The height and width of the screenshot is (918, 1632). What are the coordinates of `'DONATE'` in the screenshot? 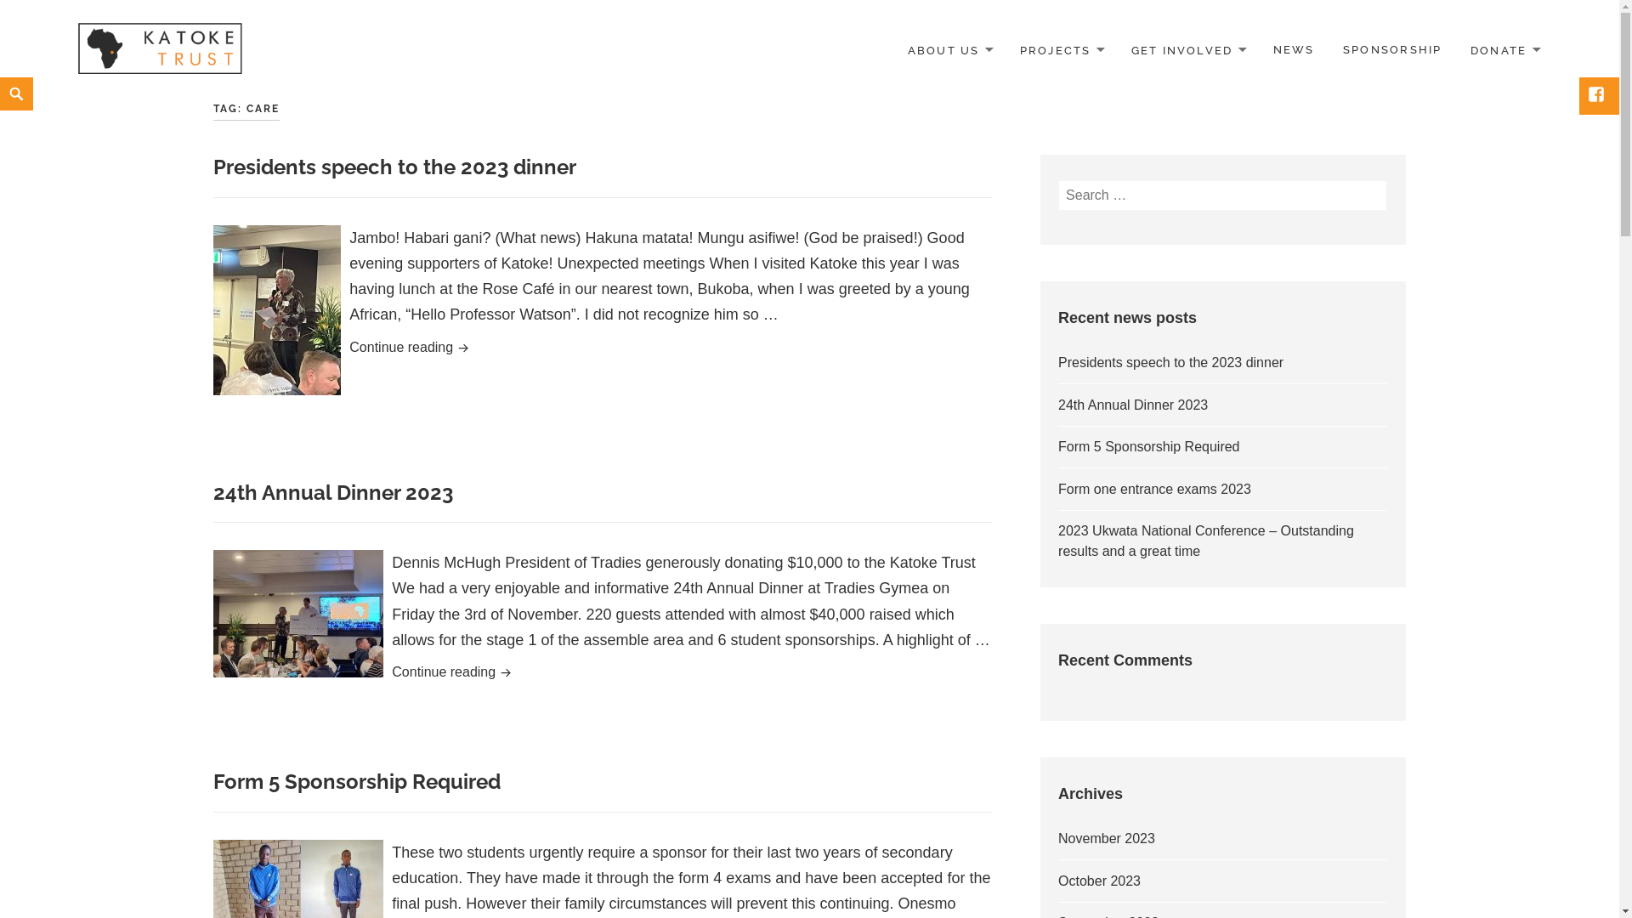 It's located at (1504, 49).